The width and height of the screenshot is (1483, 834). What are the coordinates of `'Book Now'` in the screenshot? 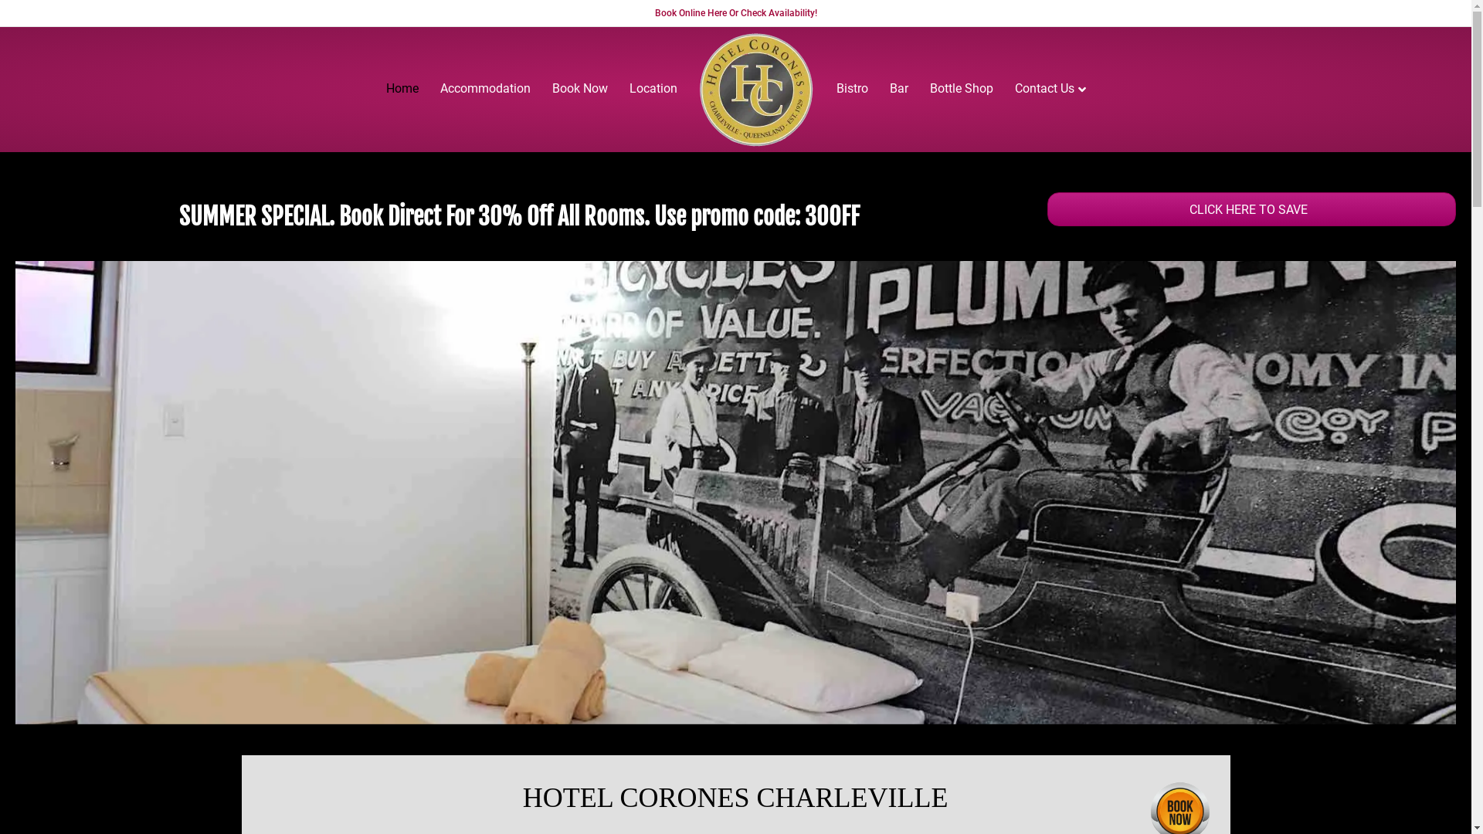 It's located at (578, 89).